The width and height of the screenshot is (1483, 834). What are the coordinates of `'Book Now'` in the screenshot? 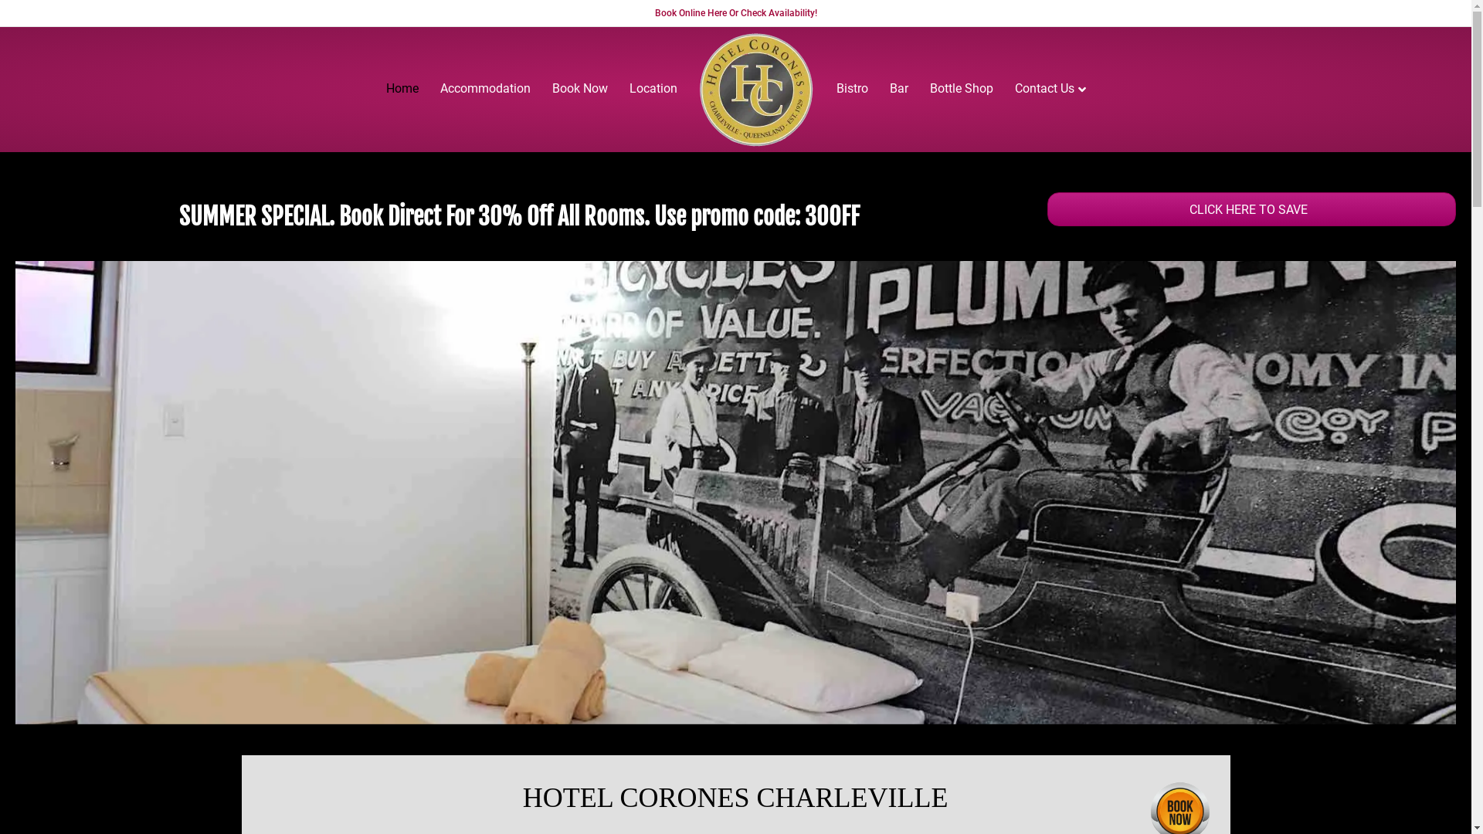 It's located at (578, 89).